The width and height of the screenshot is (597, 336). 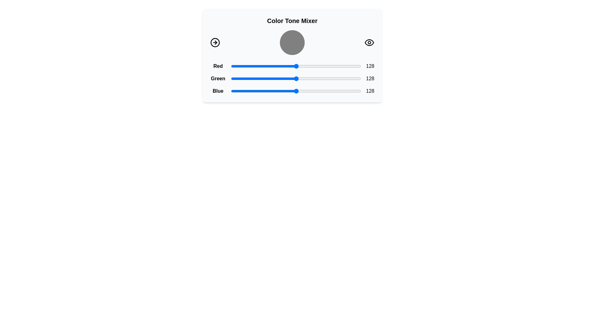 What do you see at coordinates (342, 66) in the screenshot?
I see `the red component` at bounding box center [342, 66].